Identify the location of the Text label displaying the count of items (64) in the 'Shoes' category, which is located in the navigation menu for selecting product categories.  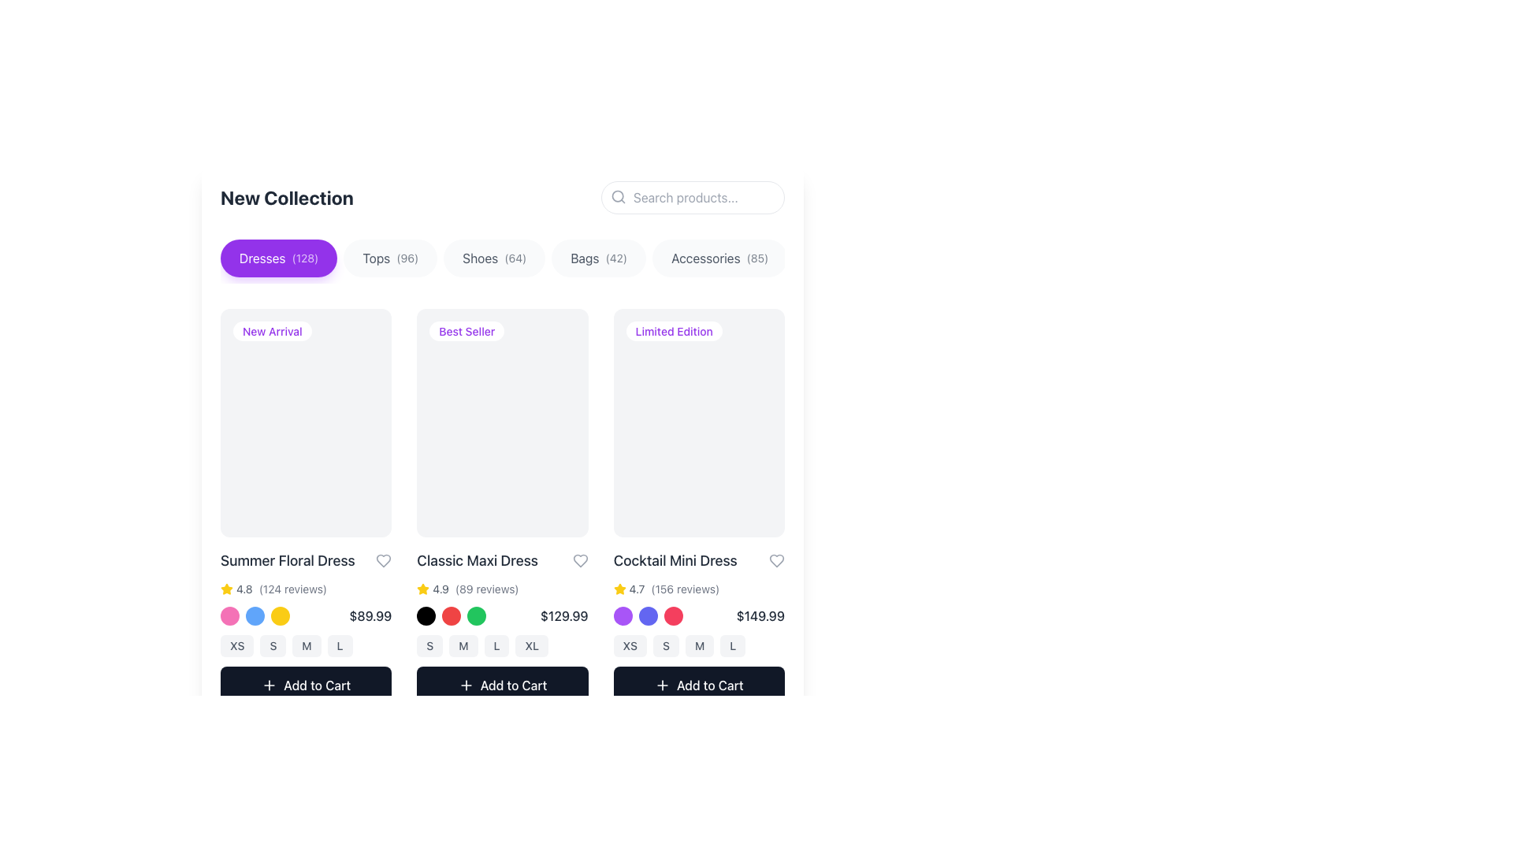
(515, 257).